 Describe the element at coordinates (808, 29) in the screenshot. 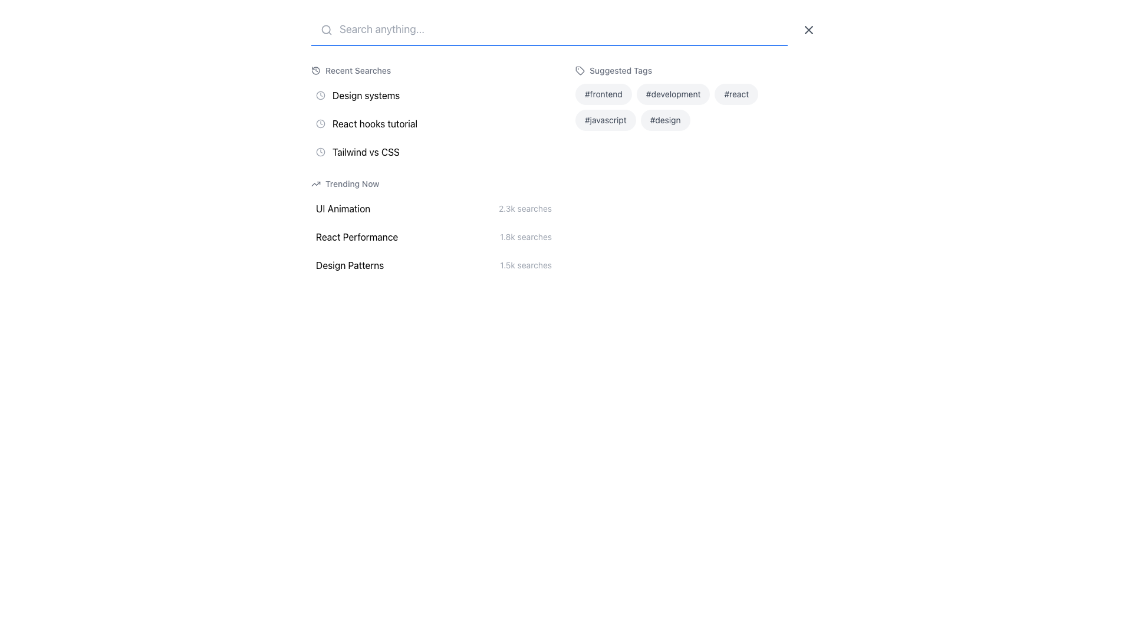

I see `the close button located at the far right of the horizontal search bar` at that location.